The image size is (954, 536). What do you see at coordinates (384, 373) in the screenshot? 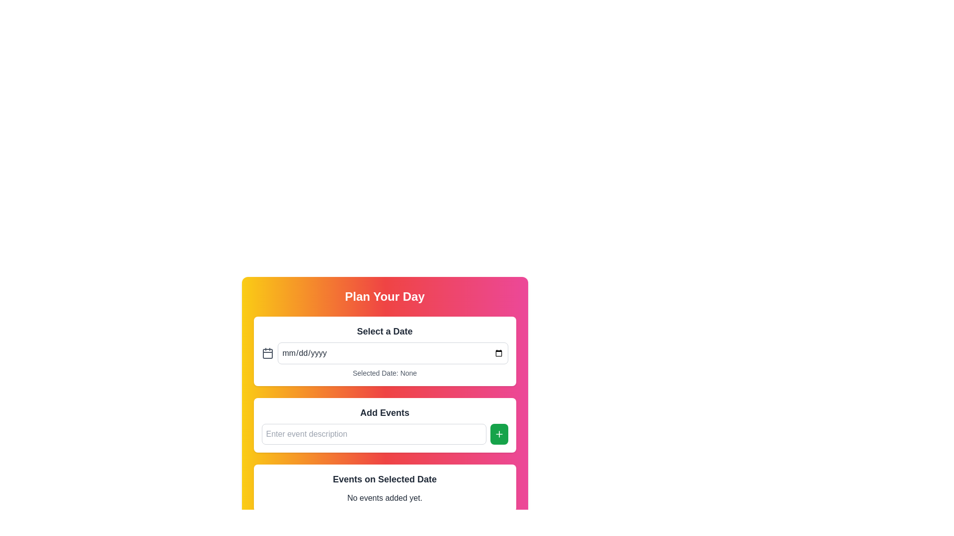
I see `the Status Text element, which displays the currently selected date or 'None' if no date has been selected, located below the date input field and calendar icon` at bounding box center [384, 373].